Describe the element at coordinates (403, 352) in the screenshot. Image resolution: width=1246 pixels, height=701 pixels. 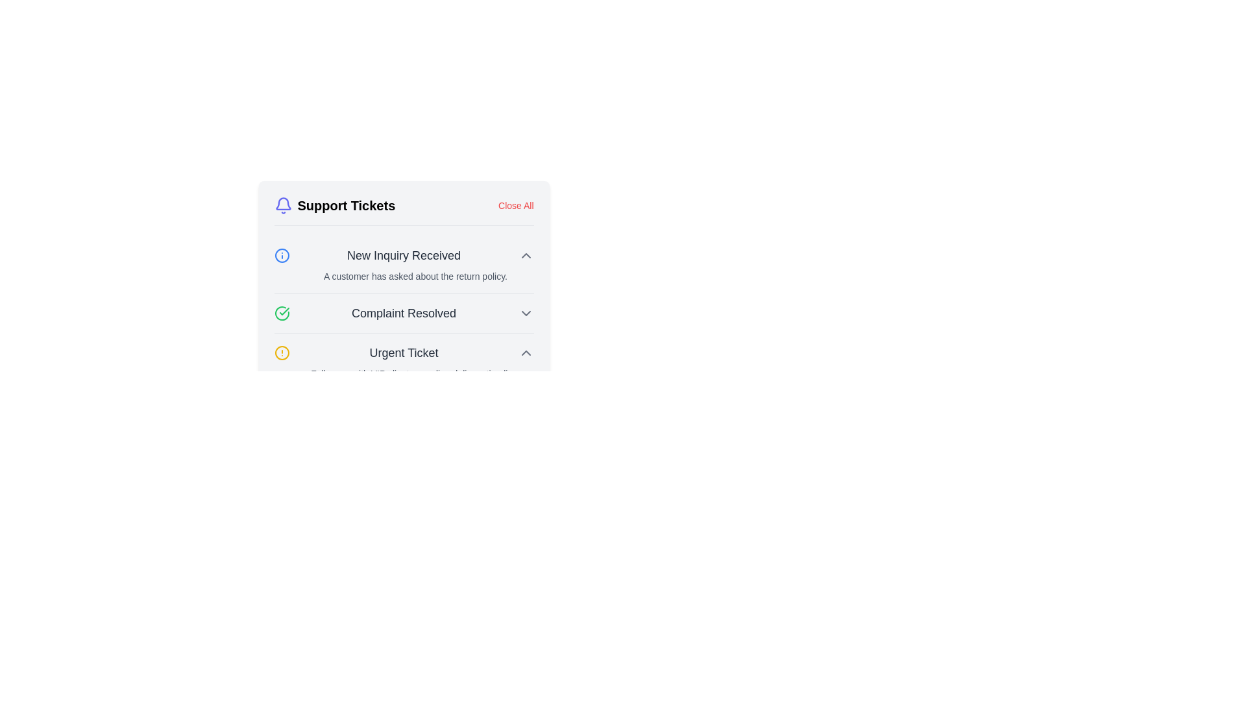
I see `the 'Urgent Ticket' label with an icon, which is the third item` at that location.